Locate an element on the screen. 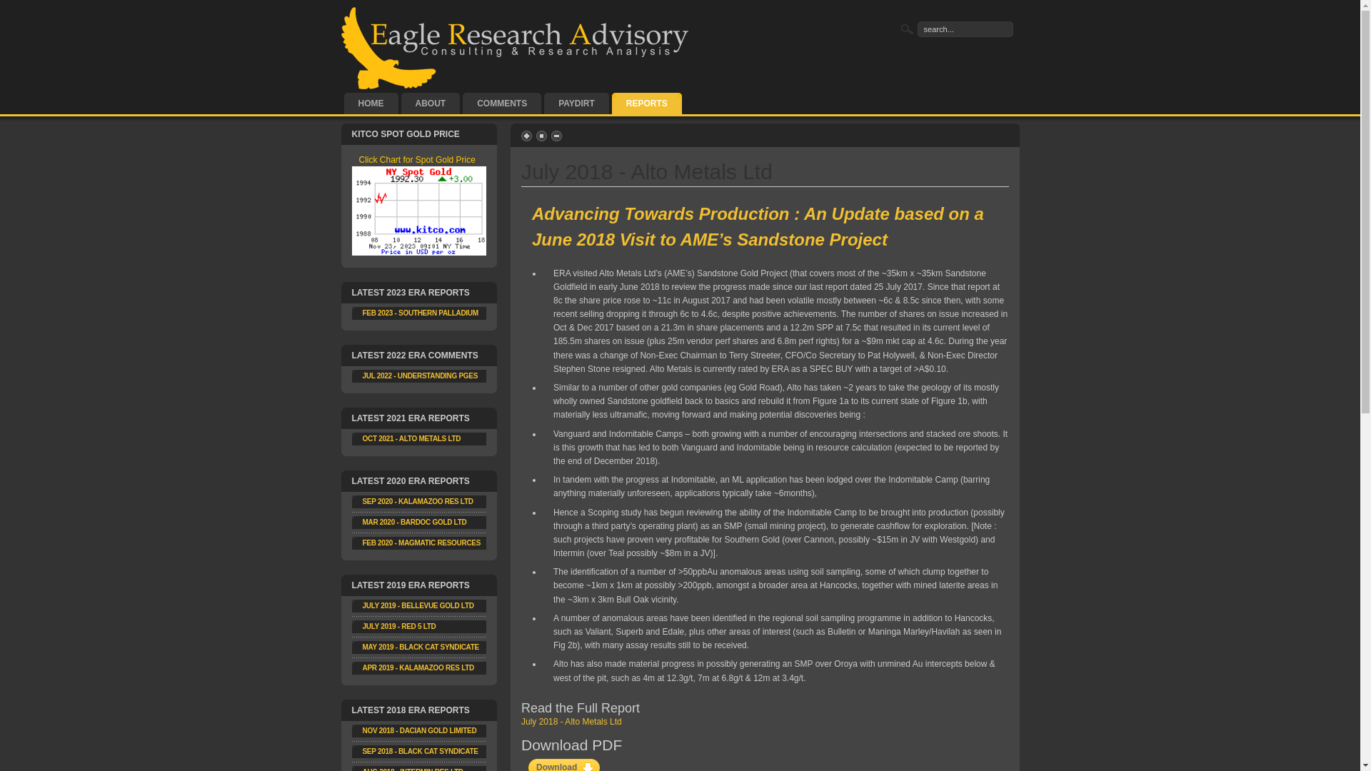 The width and height of the screenshot is (1371, 771). 'OCT 2021 - ALTO METALS LTD' is located at coordinates (411, 438).